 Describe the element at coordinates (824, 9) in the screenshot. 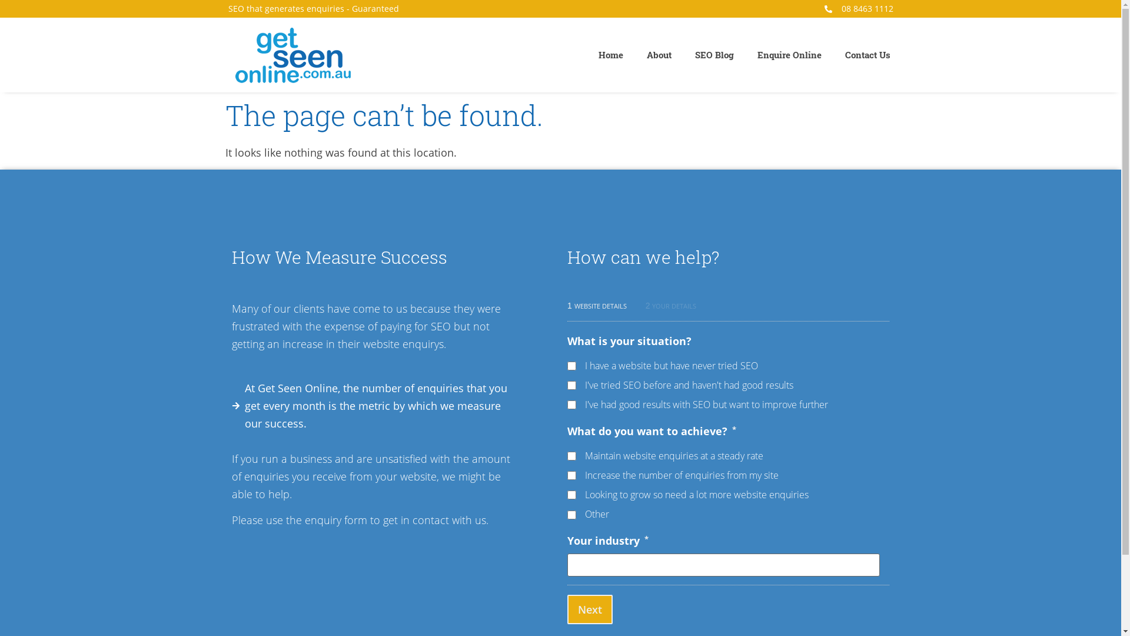

I see `'08 8463 1112'` at that location.